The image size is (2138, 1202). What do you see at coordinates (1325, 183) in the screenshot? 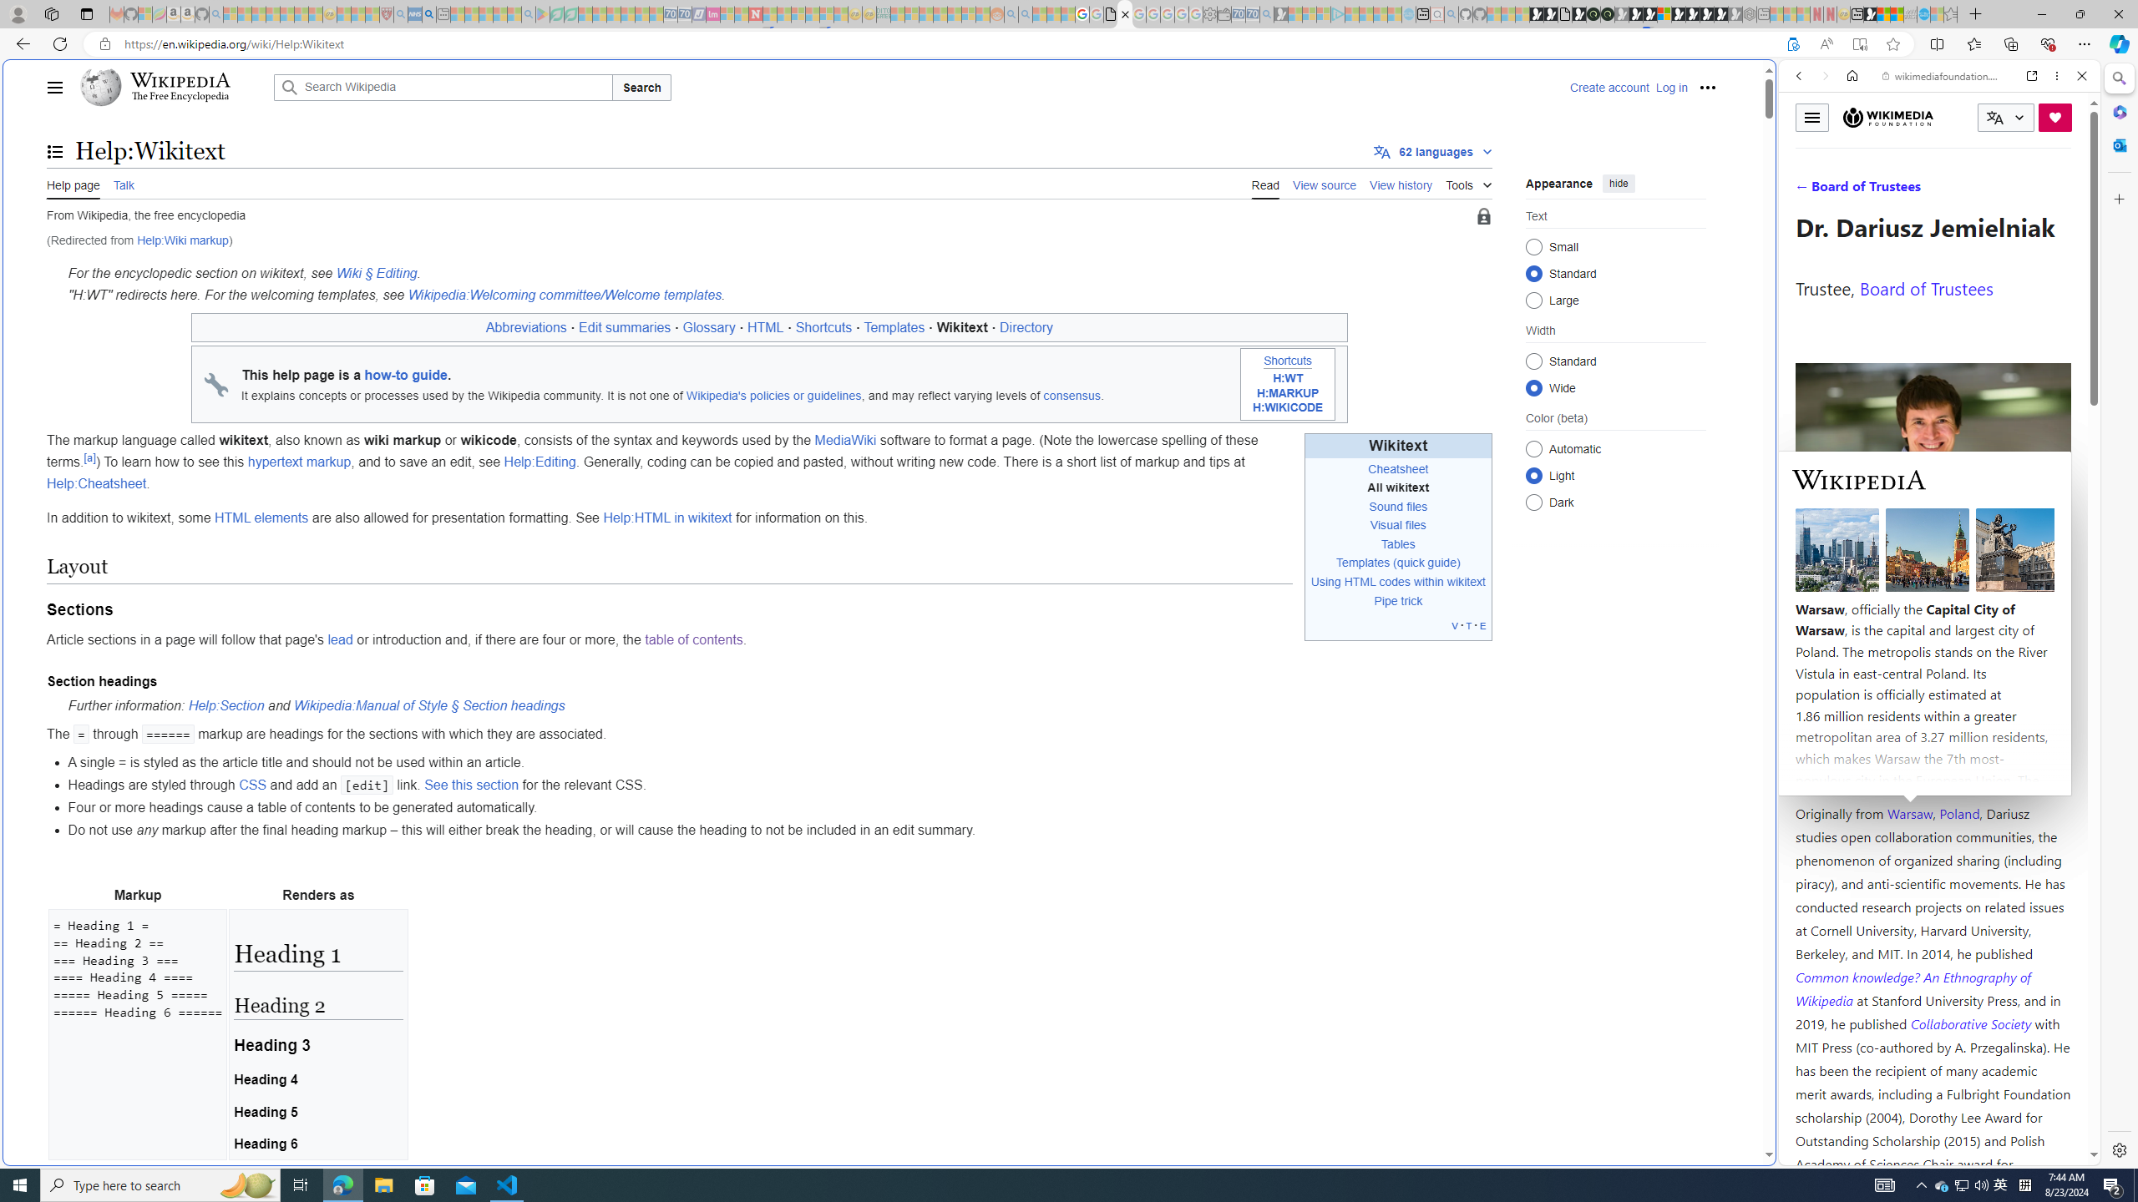
I see `'View source'` at bounding box center [1325, 183].